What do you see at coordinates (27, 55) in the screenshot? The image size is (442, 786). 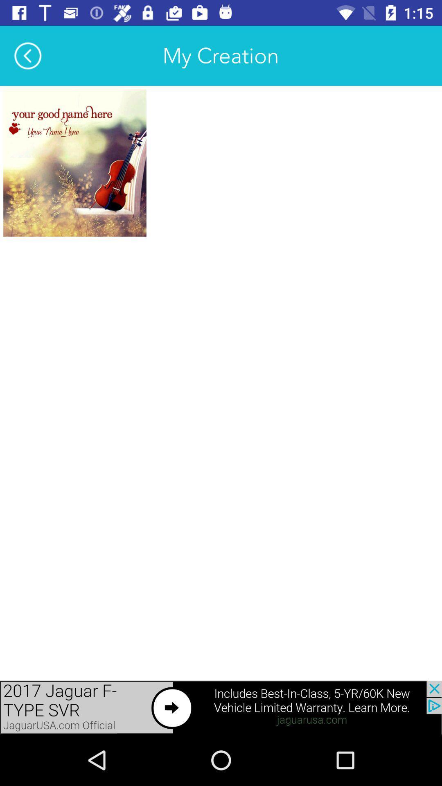 I see `back` at bounding box center [27, 55].